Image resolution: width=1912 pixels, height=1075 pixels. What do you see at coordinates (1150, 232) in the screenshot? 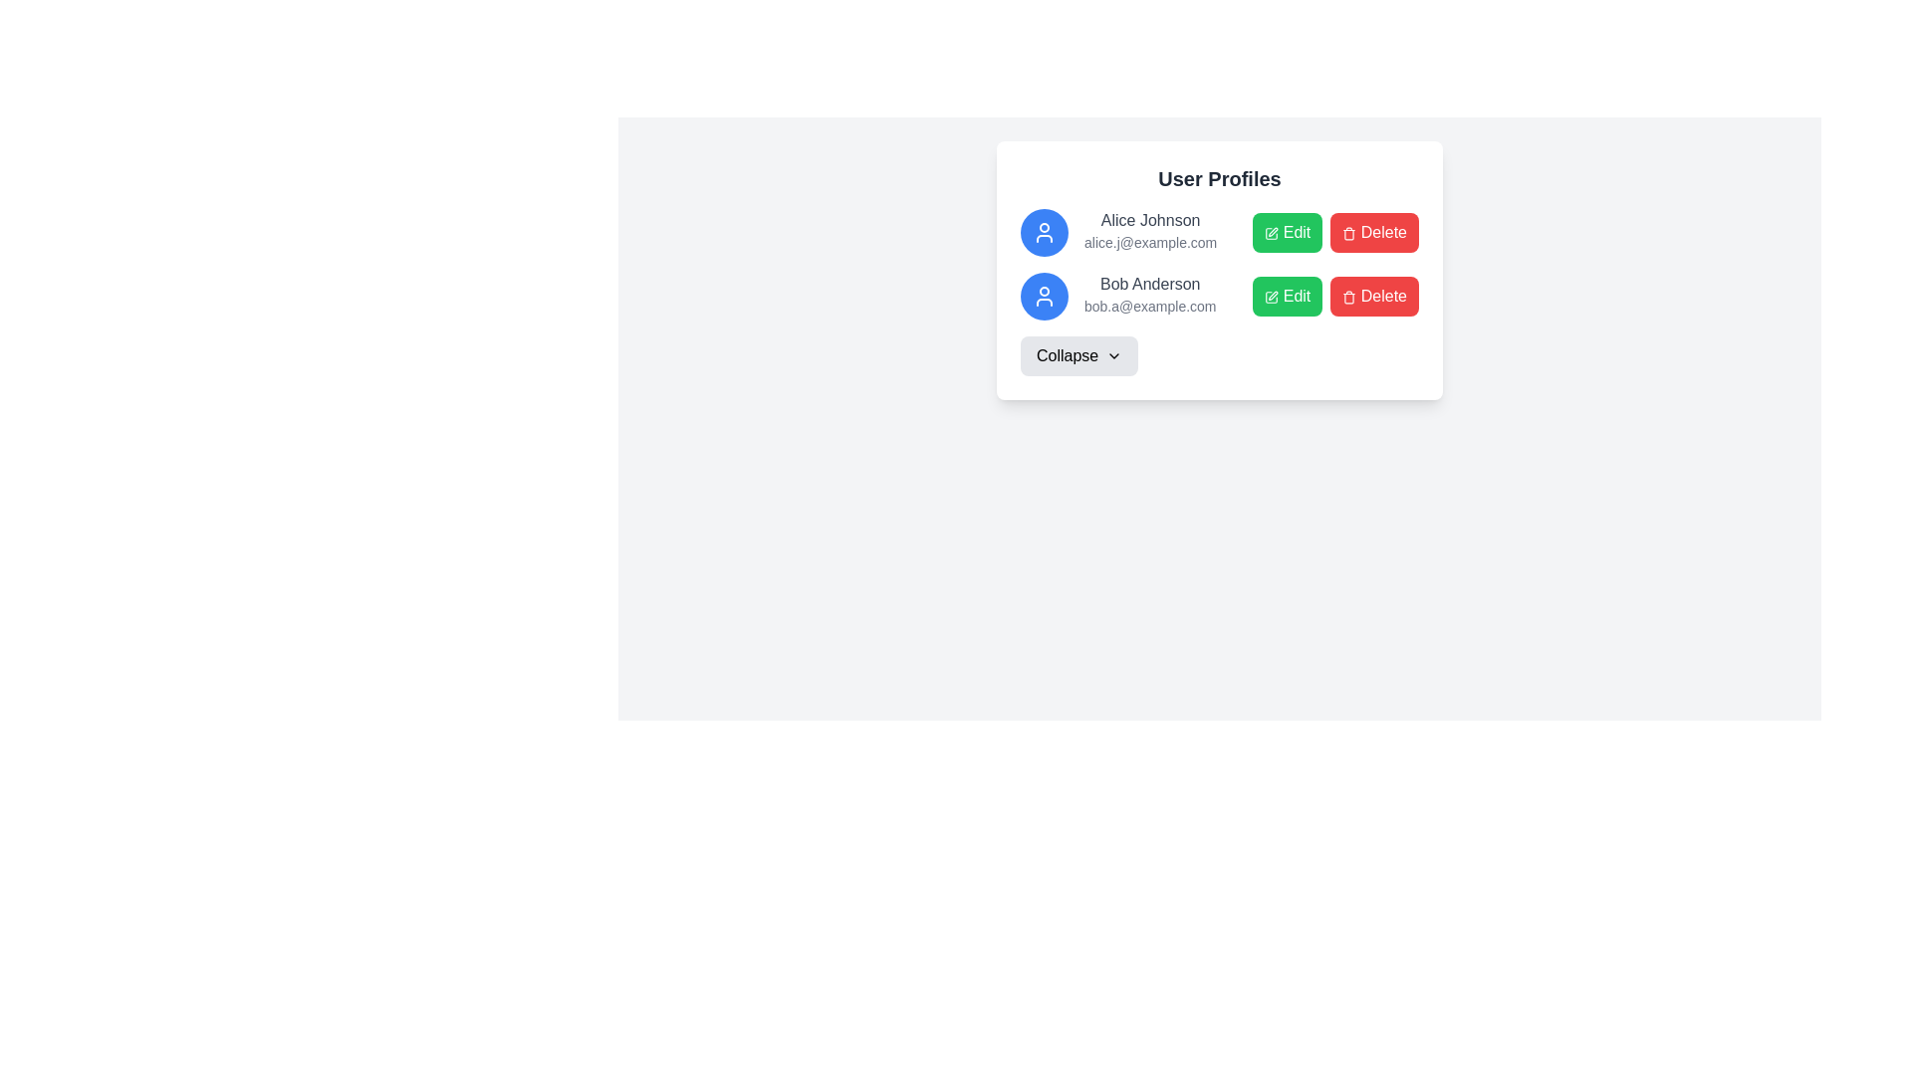
I see `the text block displaying the user's name and email address` at bounding box center [1150, 232].